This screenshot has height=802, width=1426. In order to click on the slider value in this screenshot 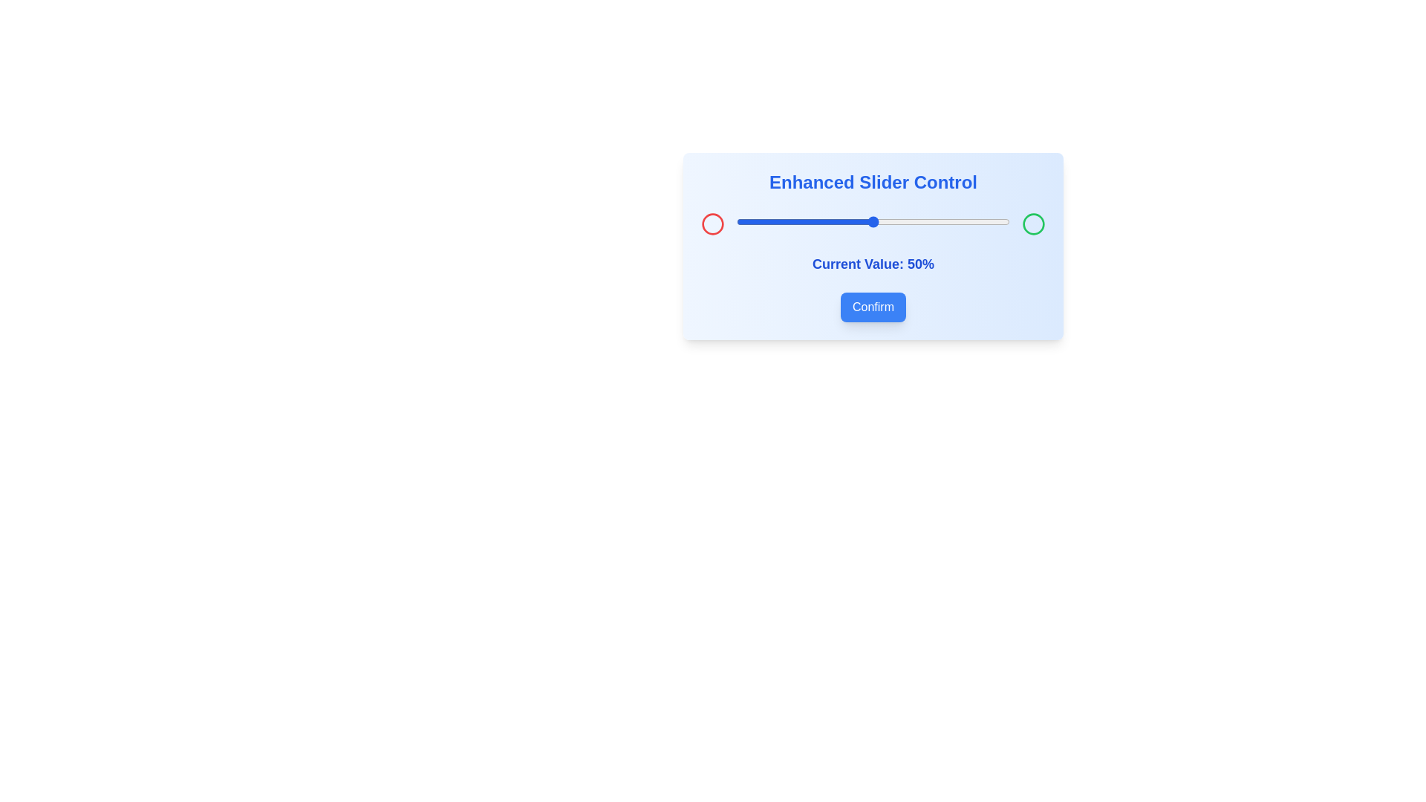, I will do `click(846, 222)`.